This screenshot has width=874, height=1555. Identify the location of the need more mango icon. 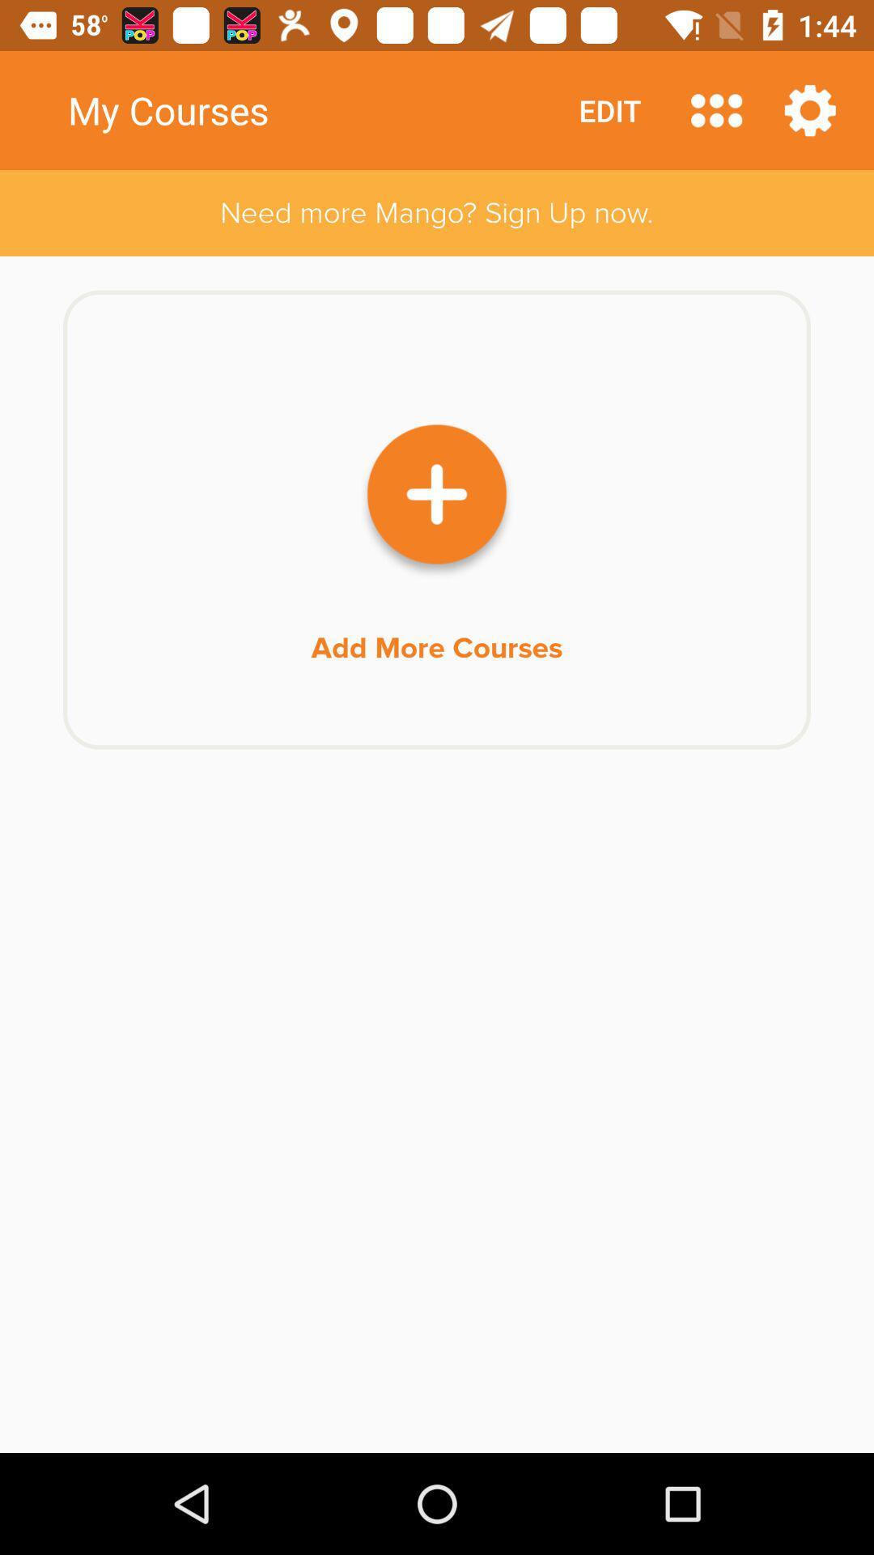
(437, 212).